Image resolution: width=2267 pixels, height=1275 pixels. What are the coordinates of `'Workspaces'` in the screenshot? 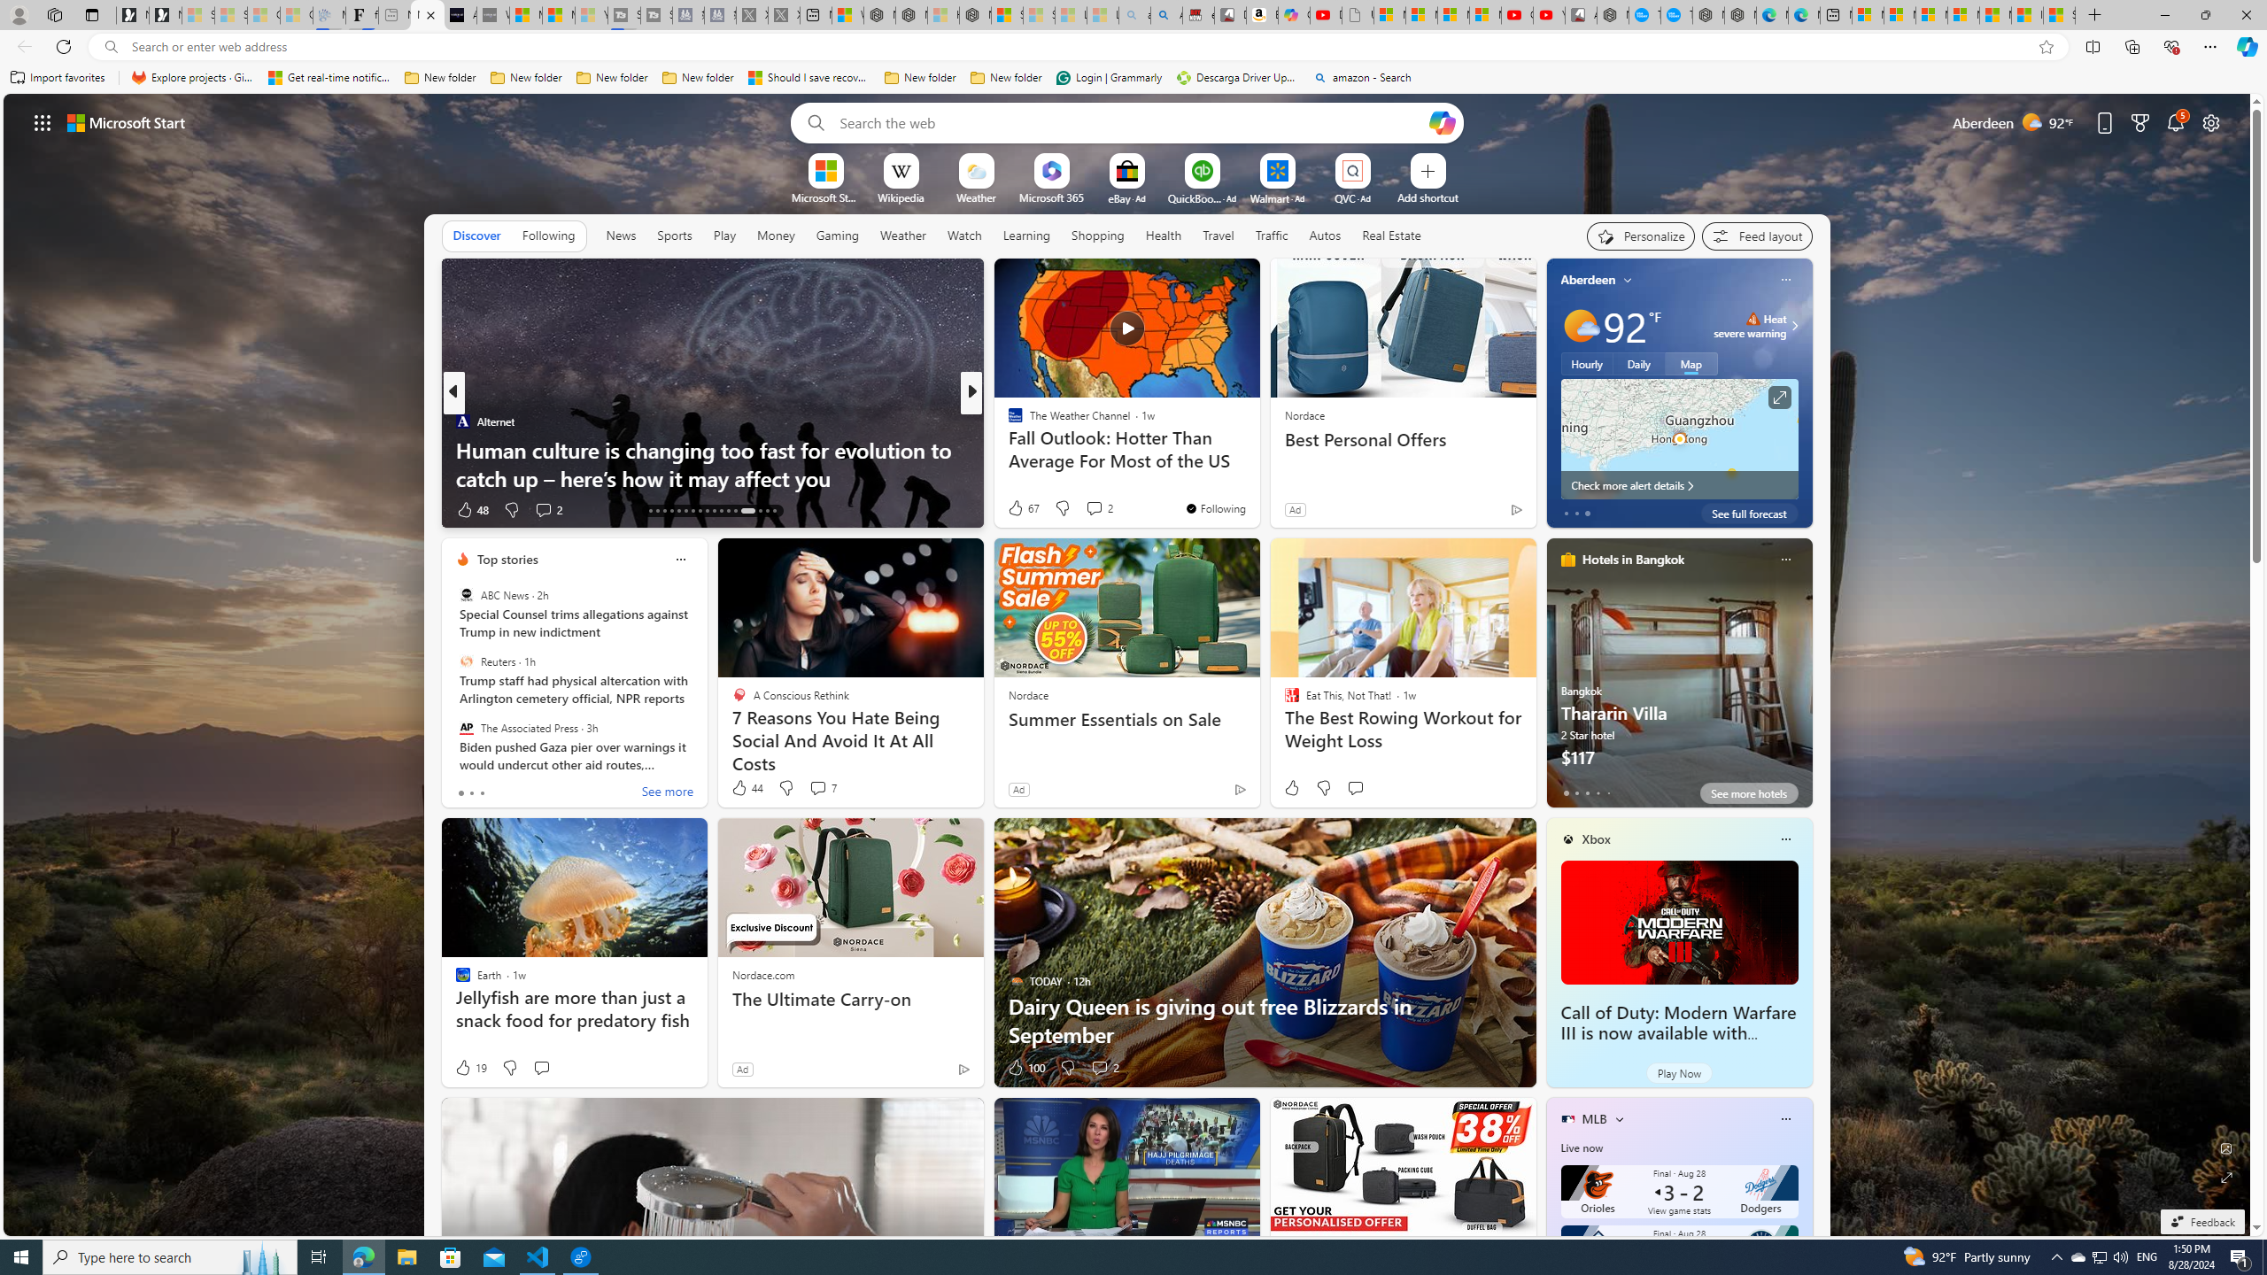 It's located at (54, 14).